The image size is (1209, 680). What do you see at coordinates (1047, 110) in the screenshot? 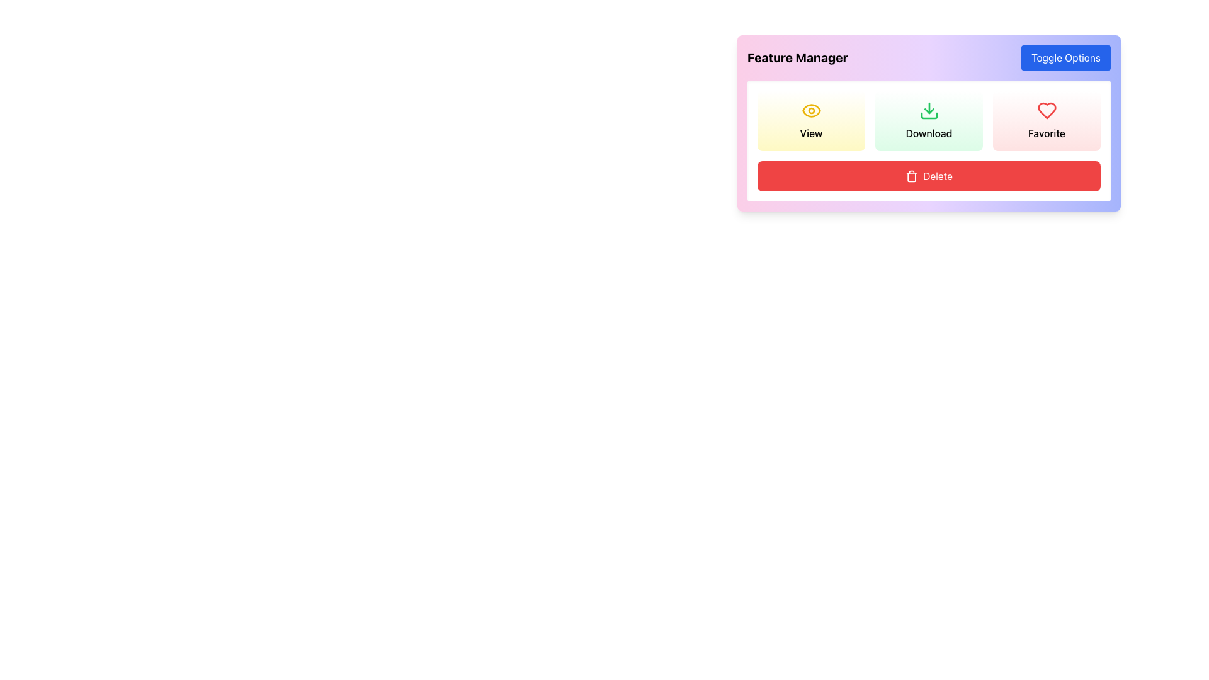
I see `the red heart icon located within the 'Favorite' button, which is the third clickable option in the user interface` at bounding box center [1047, 110].